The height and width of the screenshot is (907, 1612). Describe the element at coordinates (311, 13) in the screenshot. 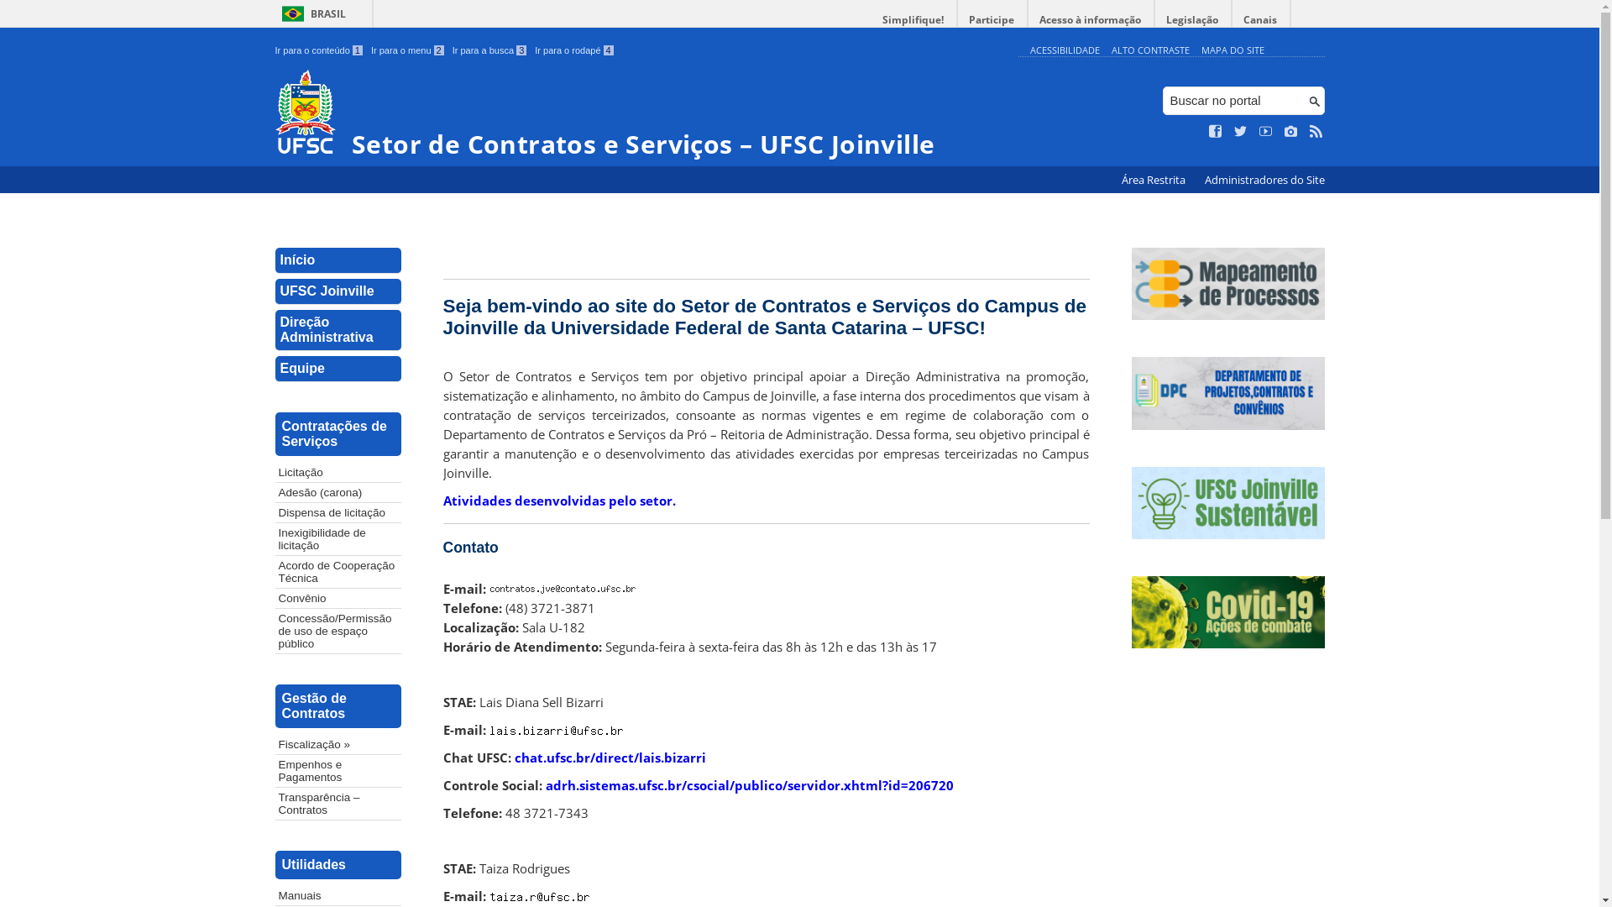

I see `'BRASIL'` at that location.